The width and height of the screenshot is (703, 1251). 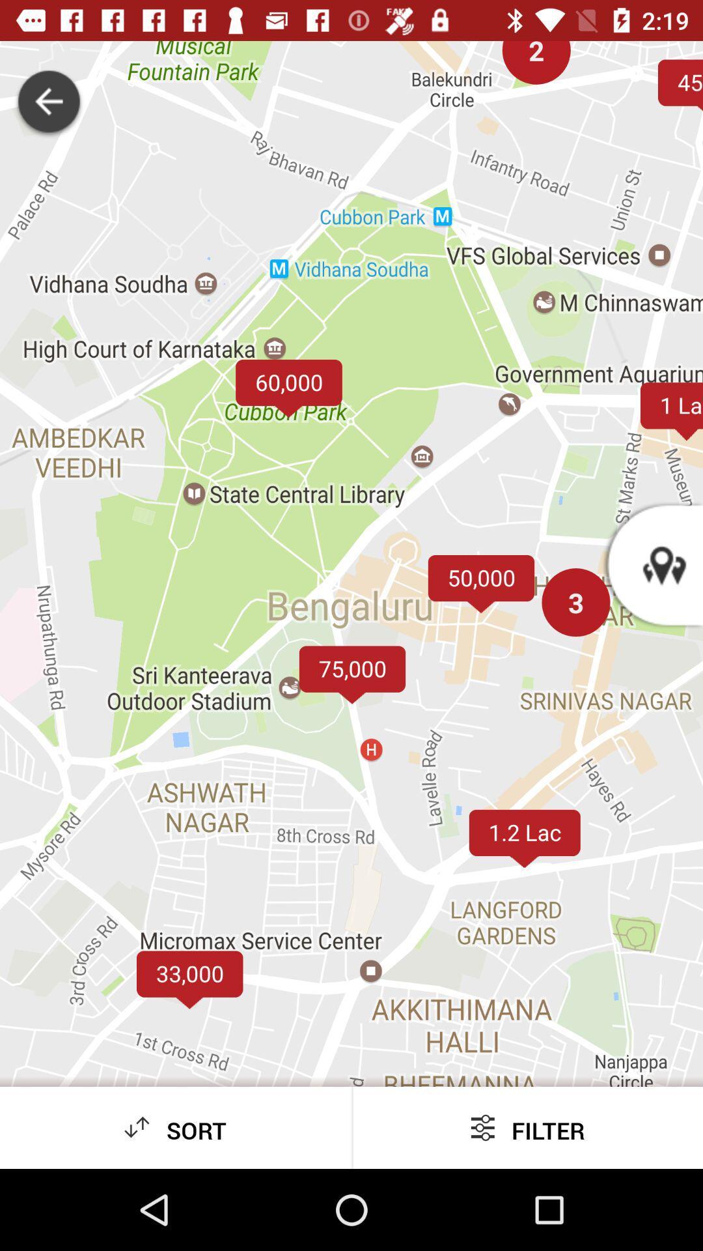 What do you see at coordinates (48, 103) in the screenshot?
I see `the arrow_backward icon` at bounding box center [48, 103].